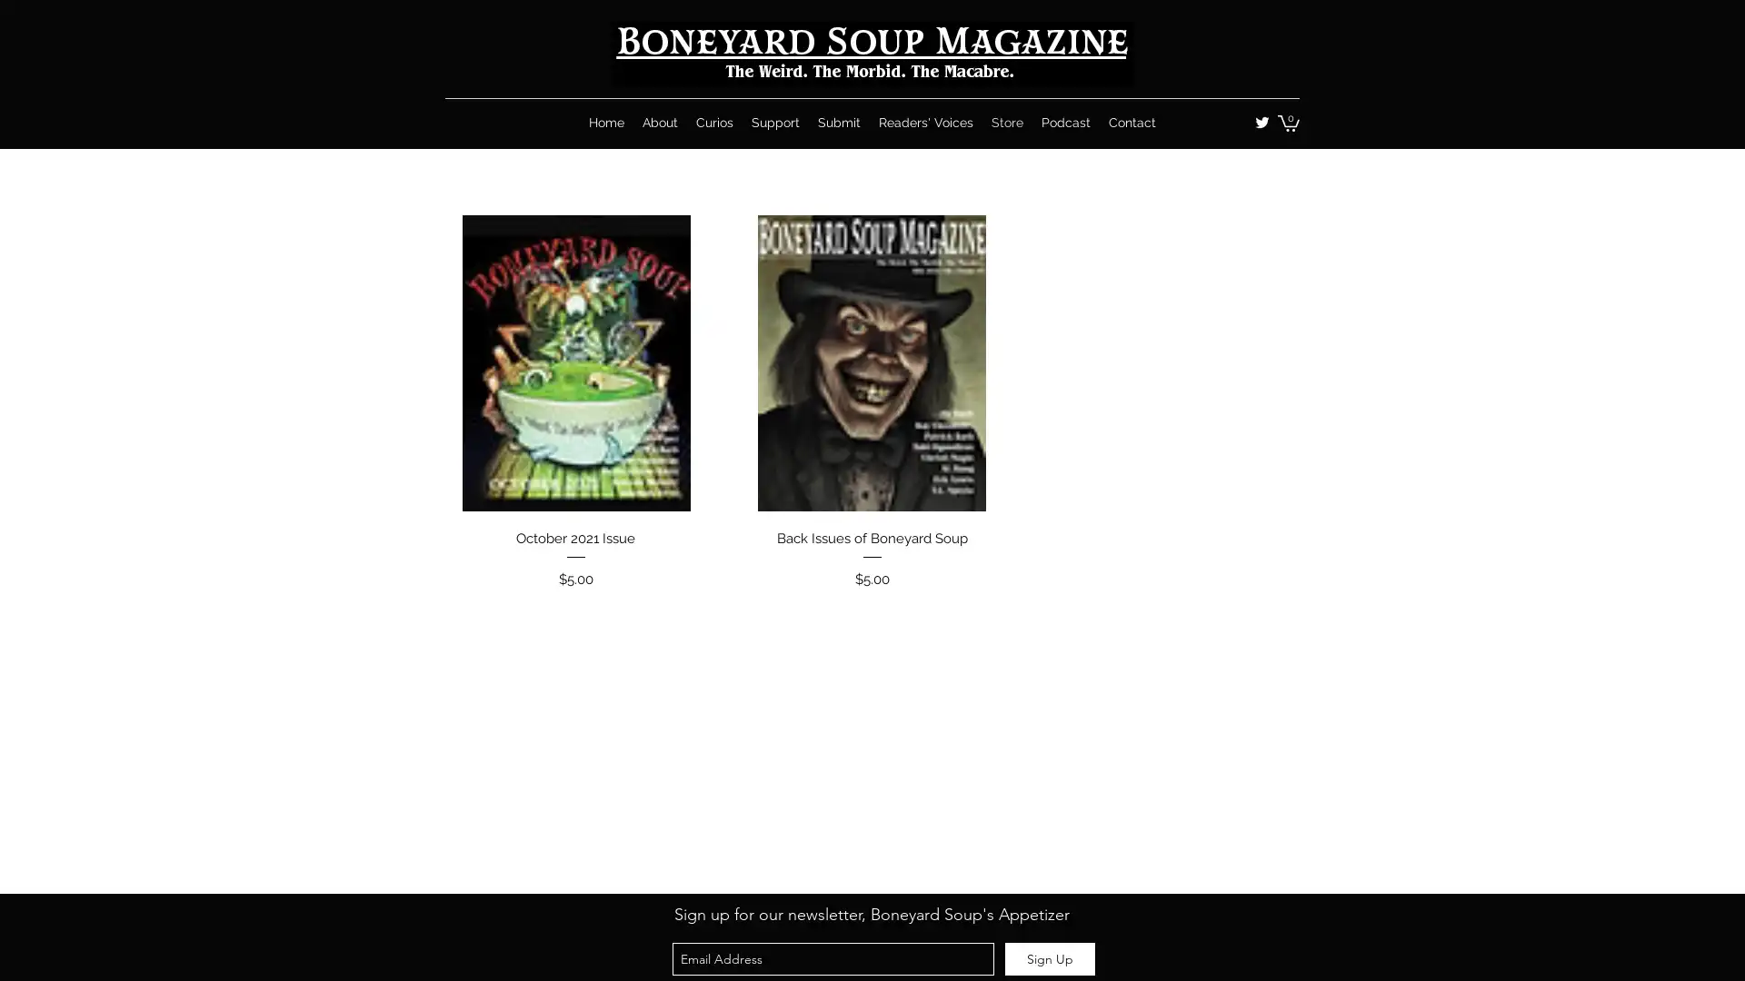  I want to click on Sign Up, so click(1050, 958).